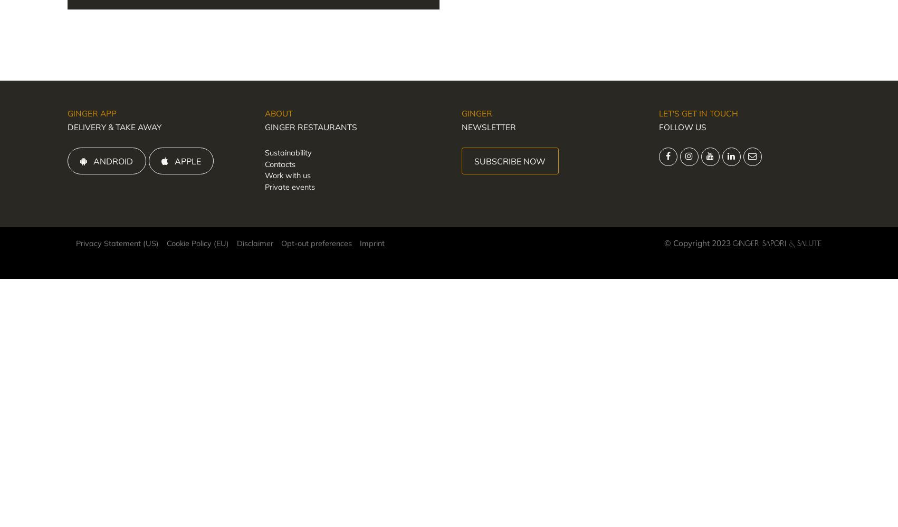  What do you see at coordinates (254, 242) in the screenshot?
I see `'Disclaimer'` at bounding box center [254, 242].